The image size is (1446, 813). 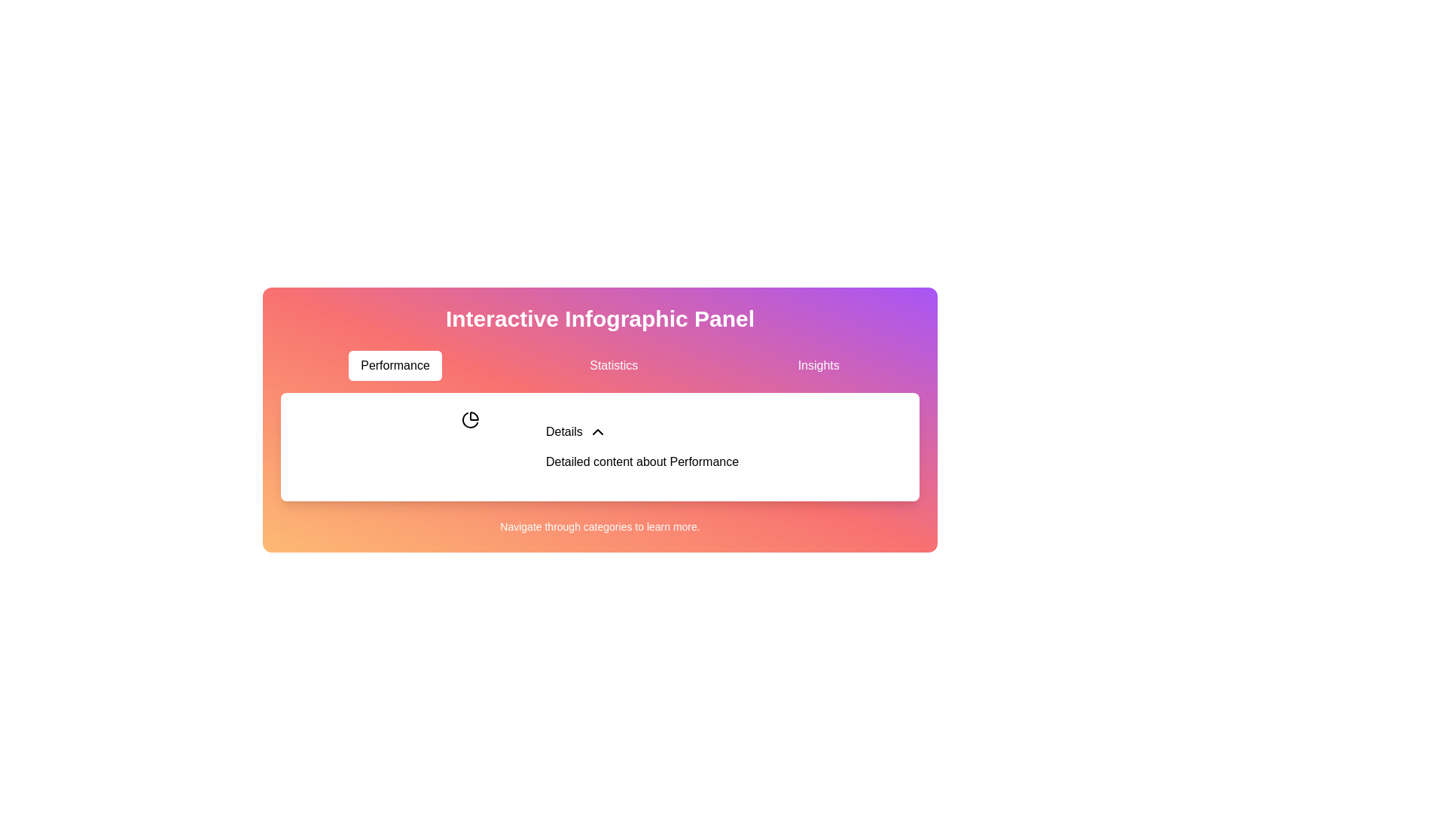 What do you see at coordinates (596, 432) in the screenshot?
I see `the chevron icon to the right of the 'Details' header` at bounding box center [596, 432].